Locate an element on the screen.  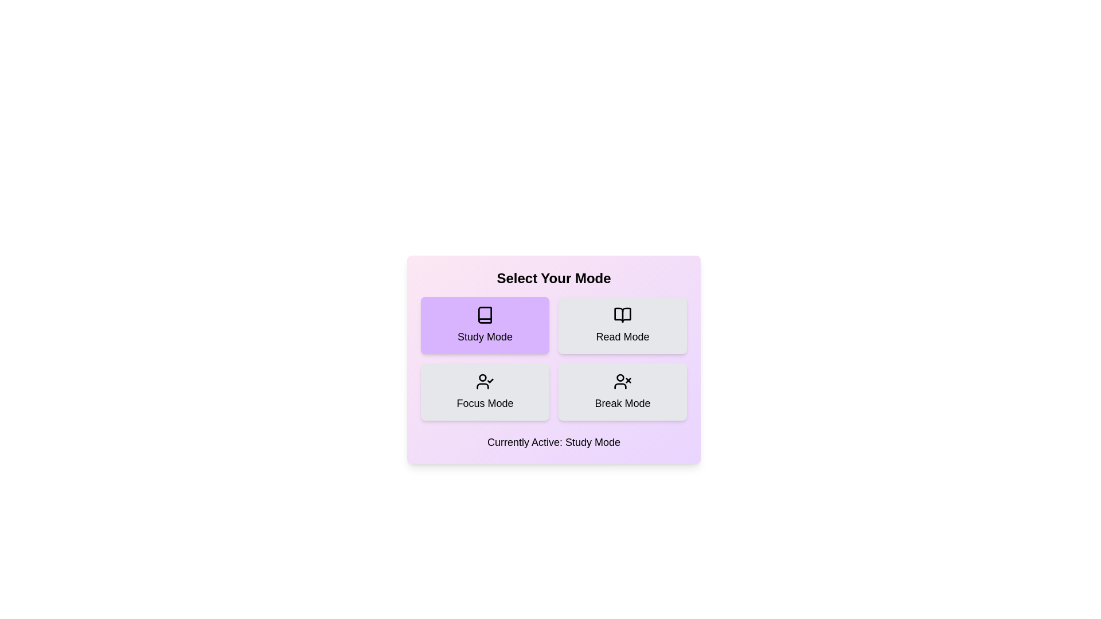
the button corresponding to the desired mode: Break Mode is located at coordinates (622, 391).